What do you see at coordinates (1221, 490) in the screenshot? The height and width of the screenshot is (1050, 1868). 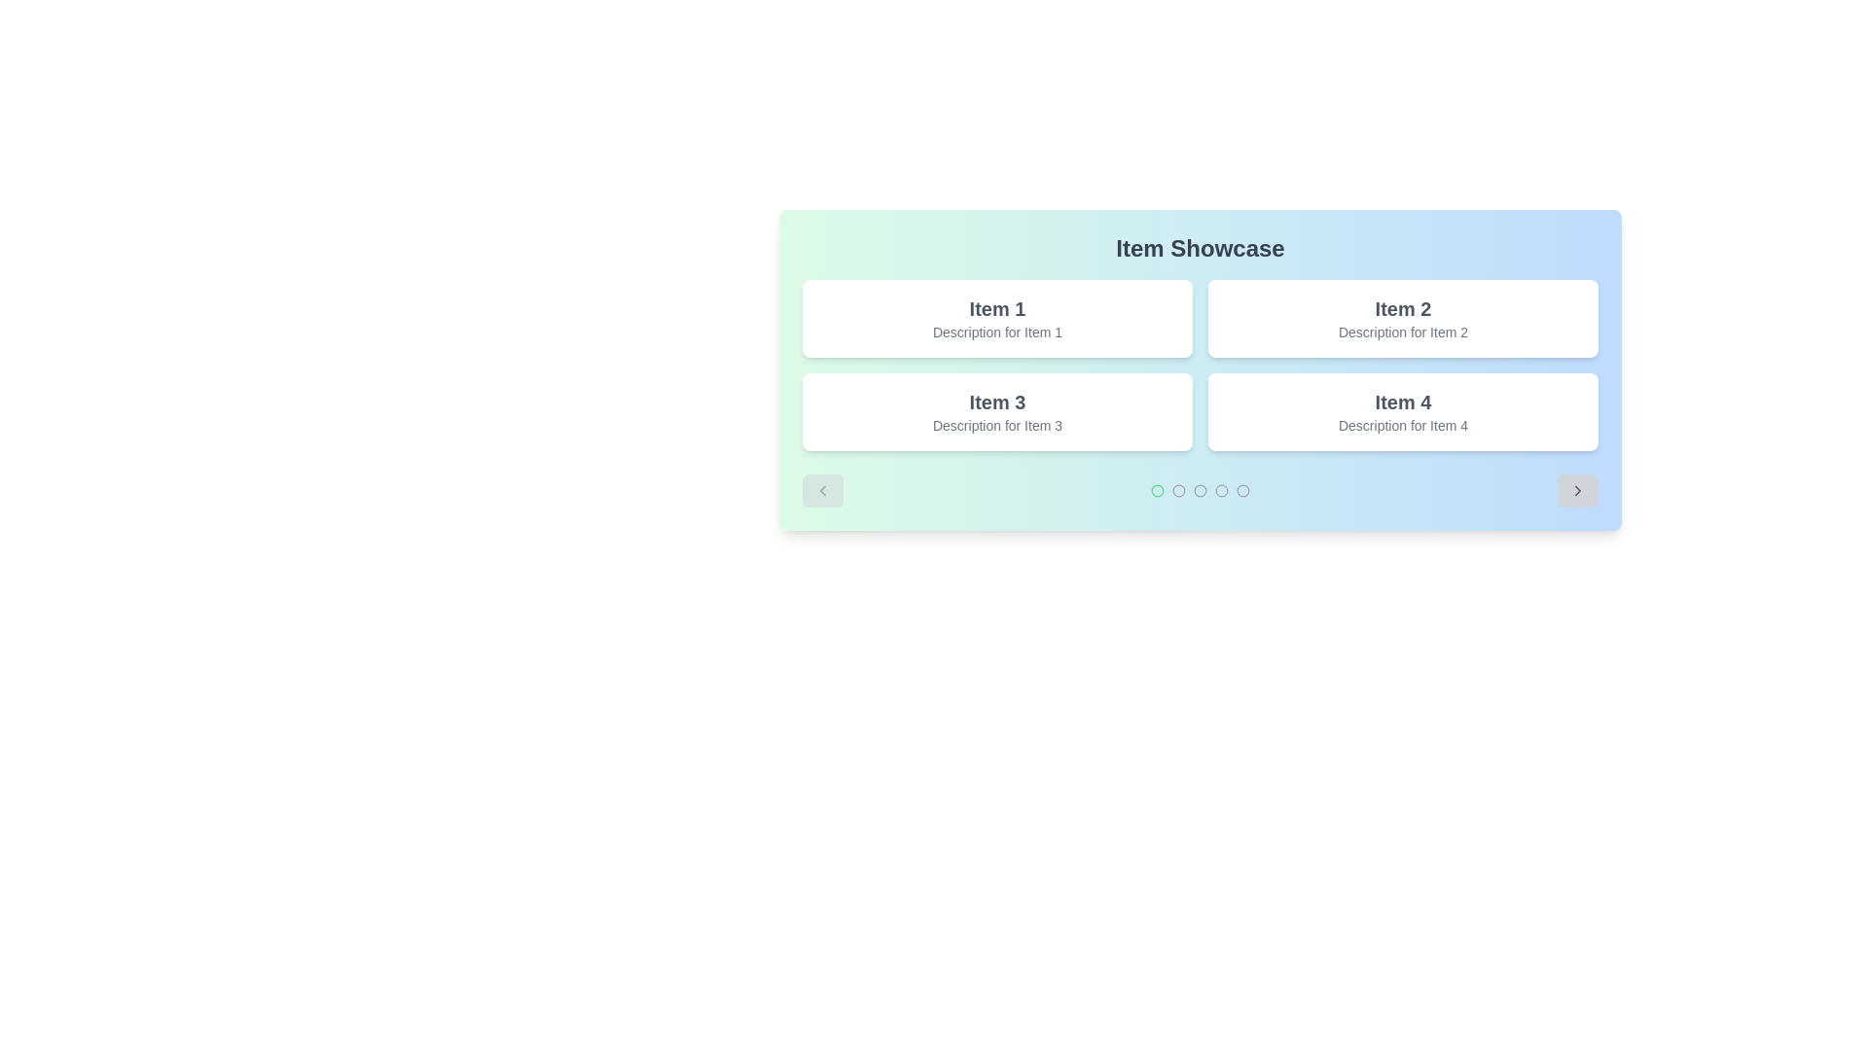 I see `the seventh circular interactive indicator` at bounding box center [1221, 490].